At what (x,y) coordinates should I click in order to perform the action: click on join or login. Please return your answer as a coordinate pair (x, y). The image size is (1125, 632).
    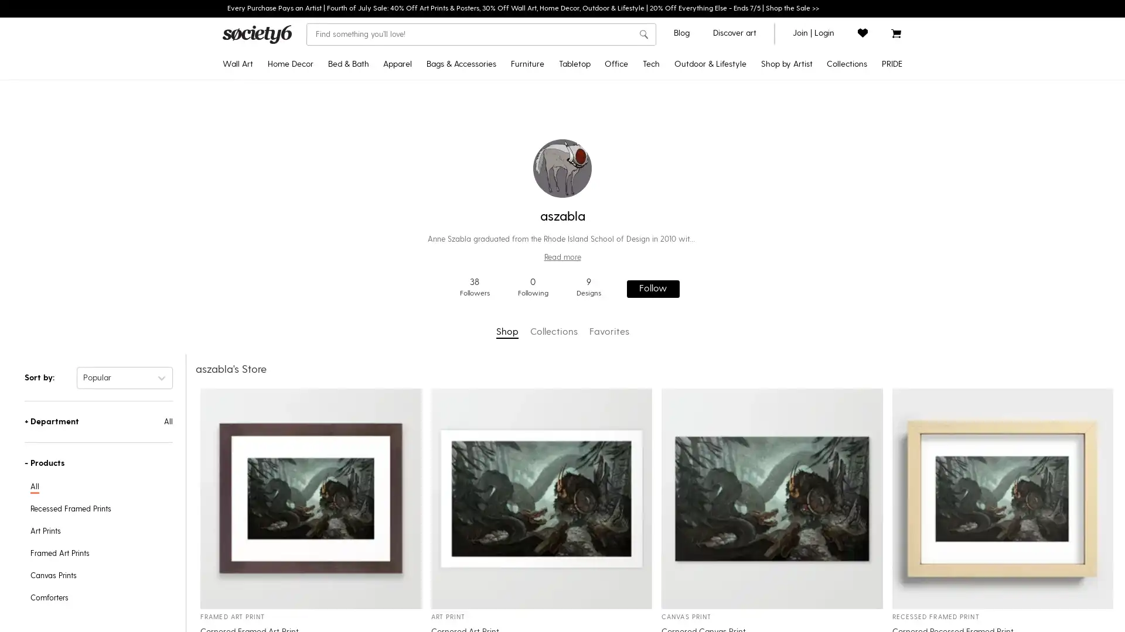
    Looking at the image, I should click on (813, 32).